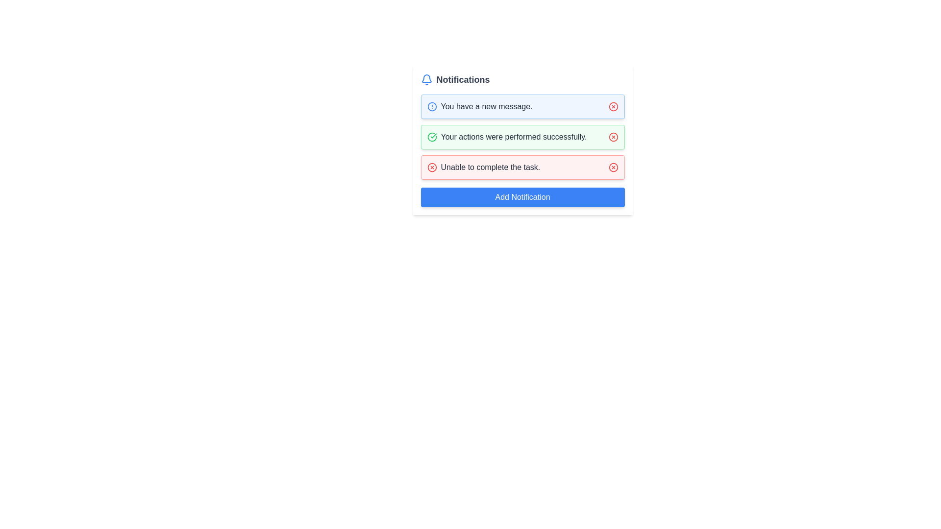 This screenshot has height=529, width=941. What do you see at coordinates (507, 137) in the screenshot?
I see `the informational message with icon that indicates a successful action, located in the notification card with a green background` at bounding box center [507, 137].